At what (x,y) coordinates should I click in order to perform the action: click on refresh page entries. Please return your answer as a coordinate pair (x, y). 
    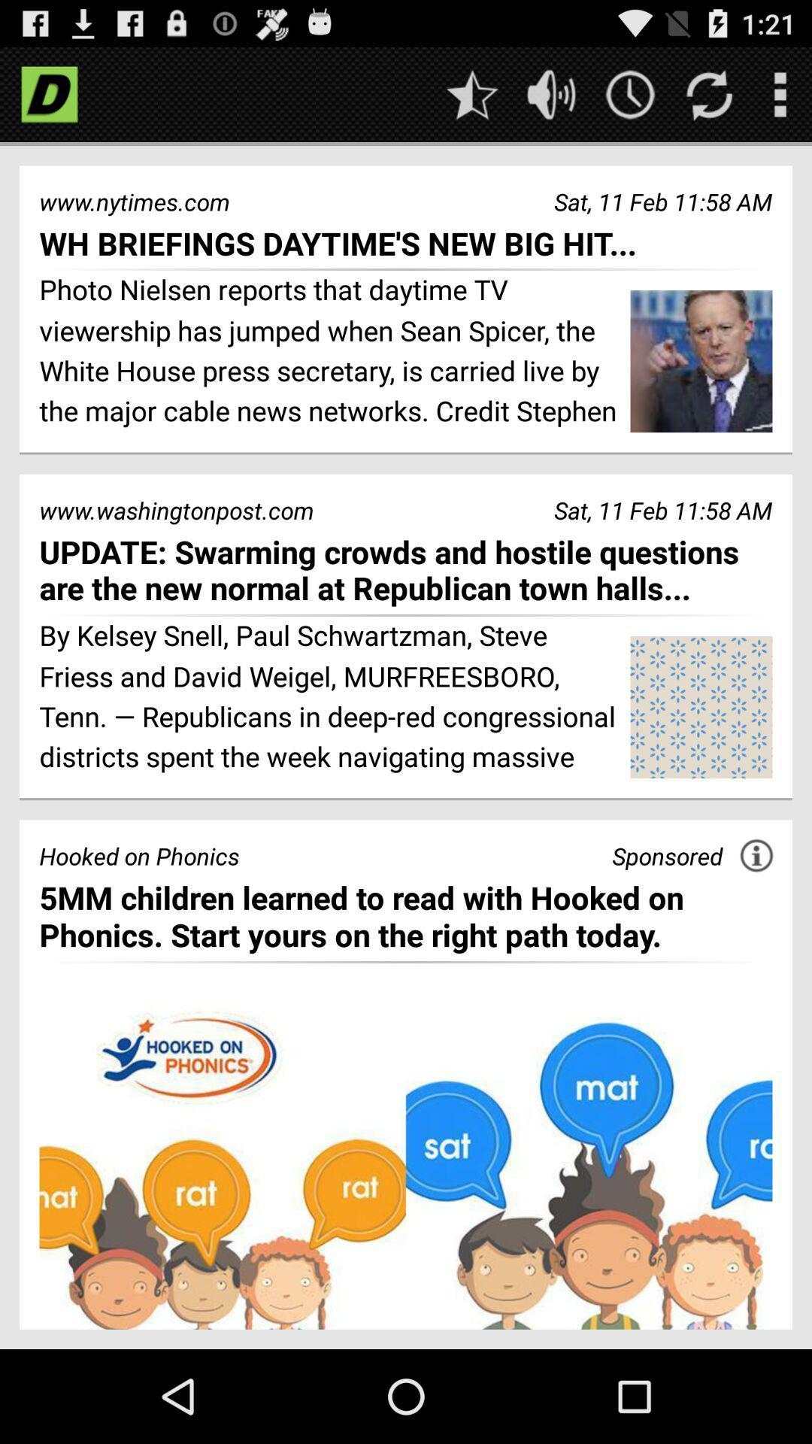
    Looking at the image, I should click on (709, 93).